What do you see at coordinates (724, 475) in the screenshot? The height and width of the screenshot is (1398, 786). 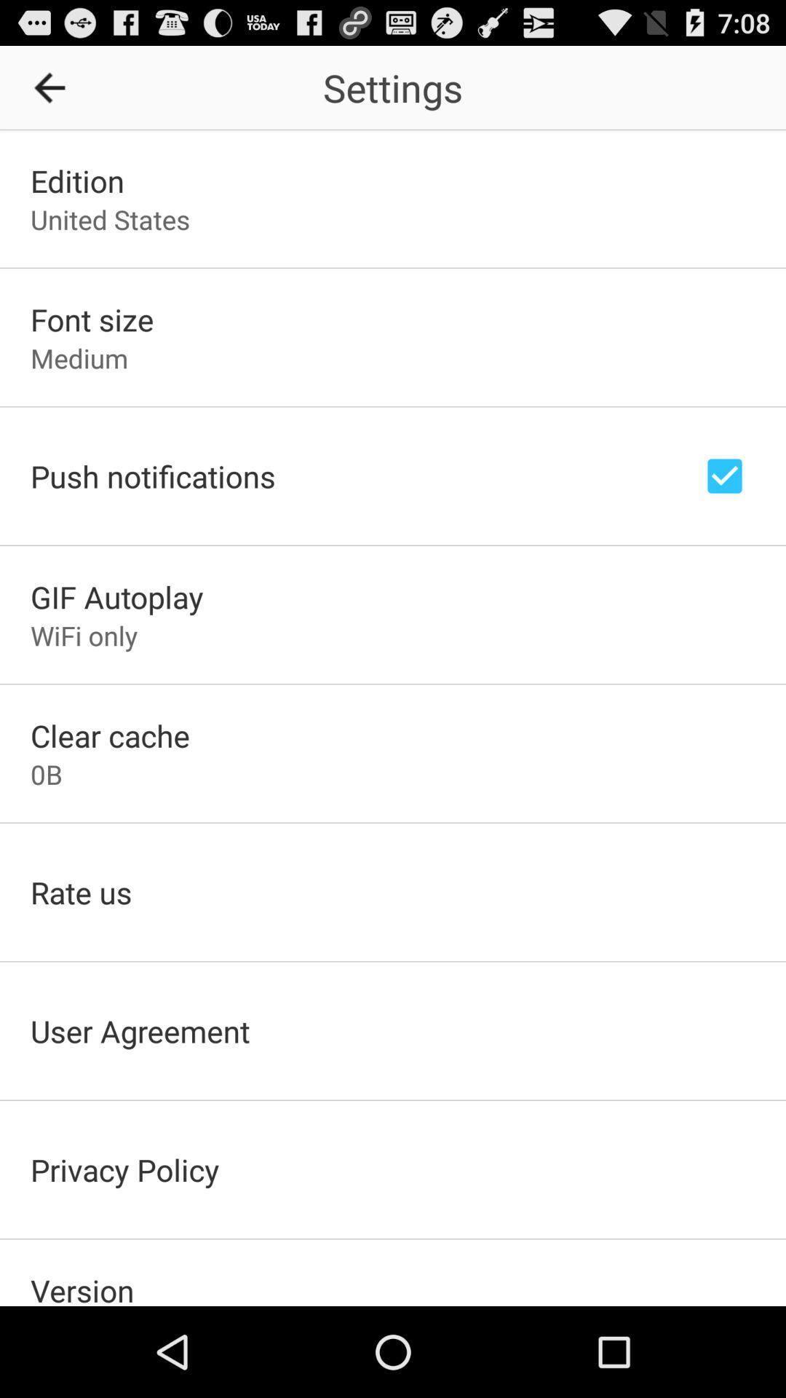 I see `tick box` at bounding box center [724, 475].